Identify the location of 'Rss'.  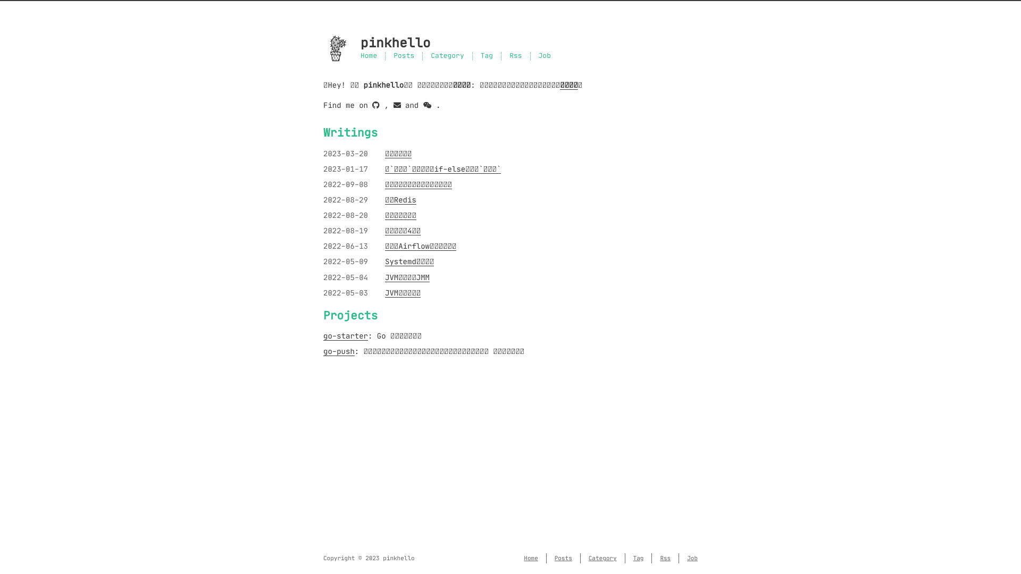
(665, 557).